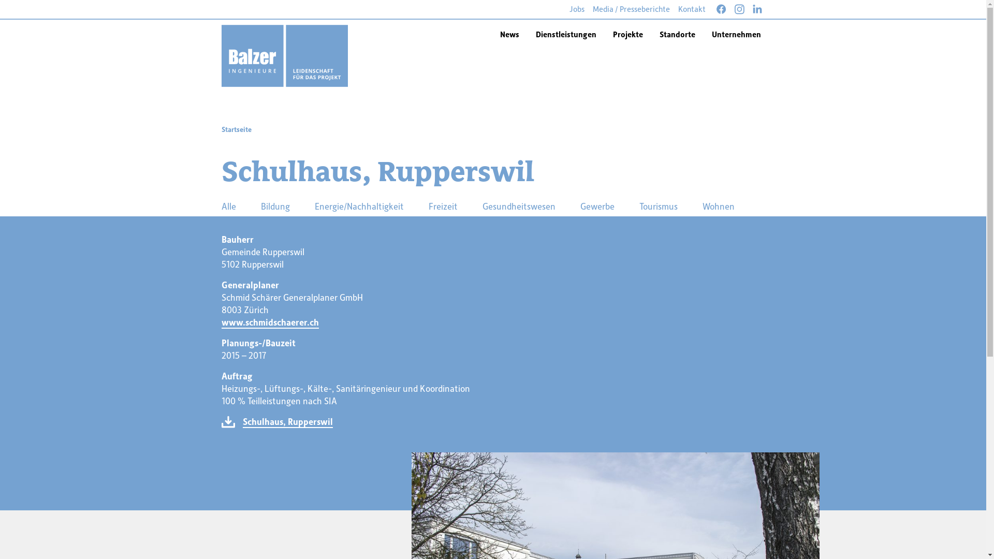  I want to click on 'Jobs', so click(576, 9).